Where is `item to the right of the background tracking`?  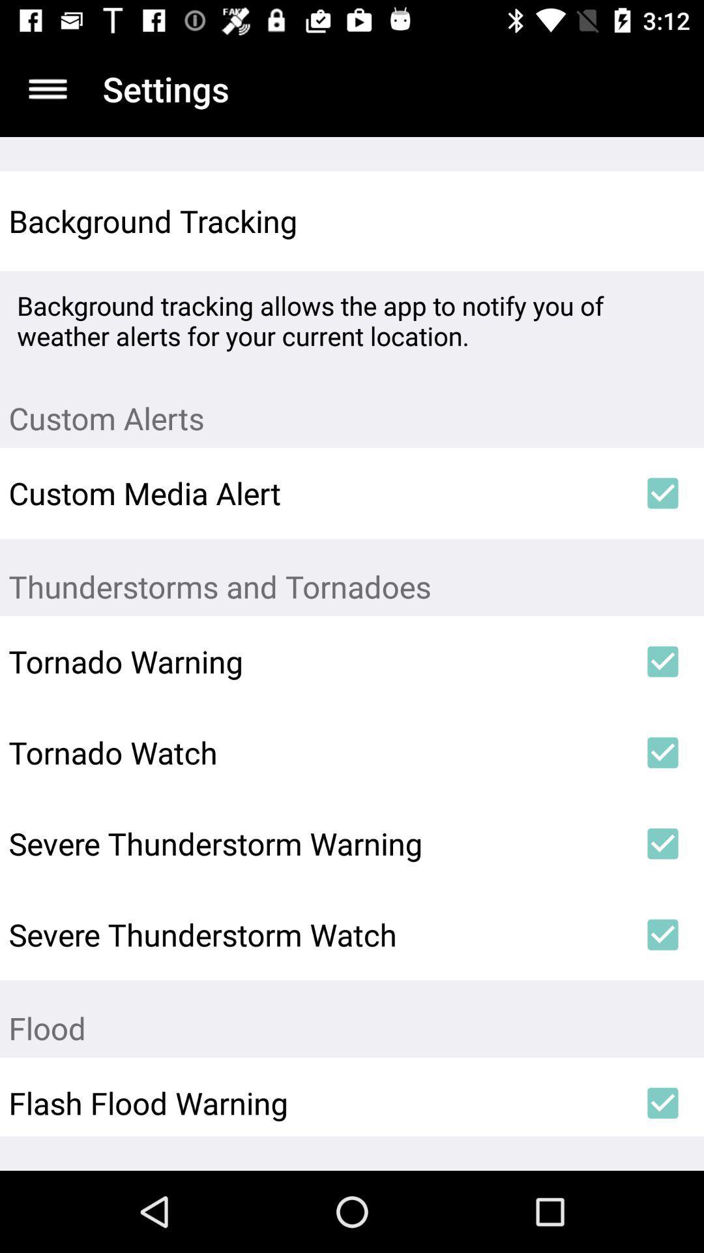 item to the right of the background tracking is located at coordinates (663, 221).